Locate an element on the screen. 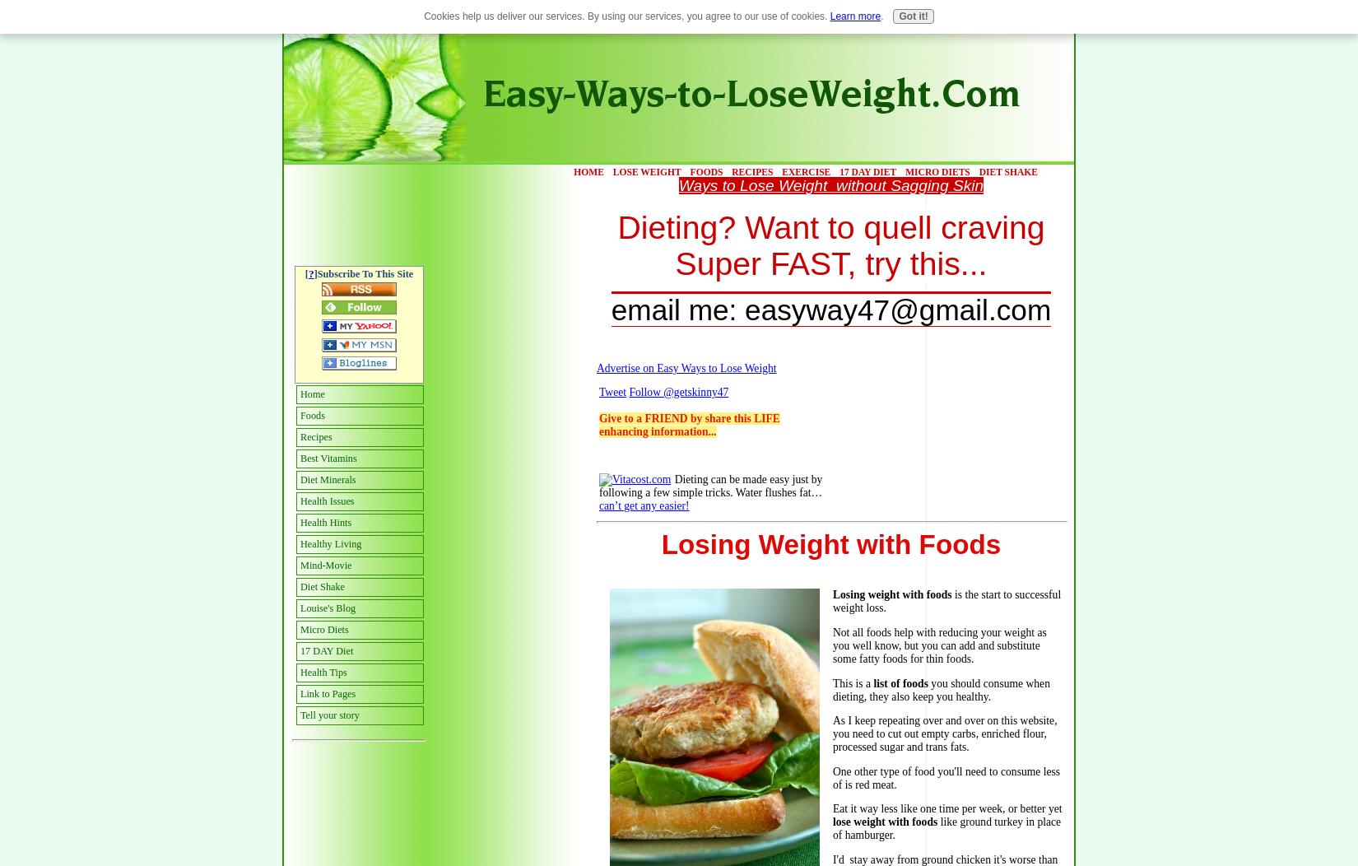  'Tell your story' is located at coordinates (329, 714).